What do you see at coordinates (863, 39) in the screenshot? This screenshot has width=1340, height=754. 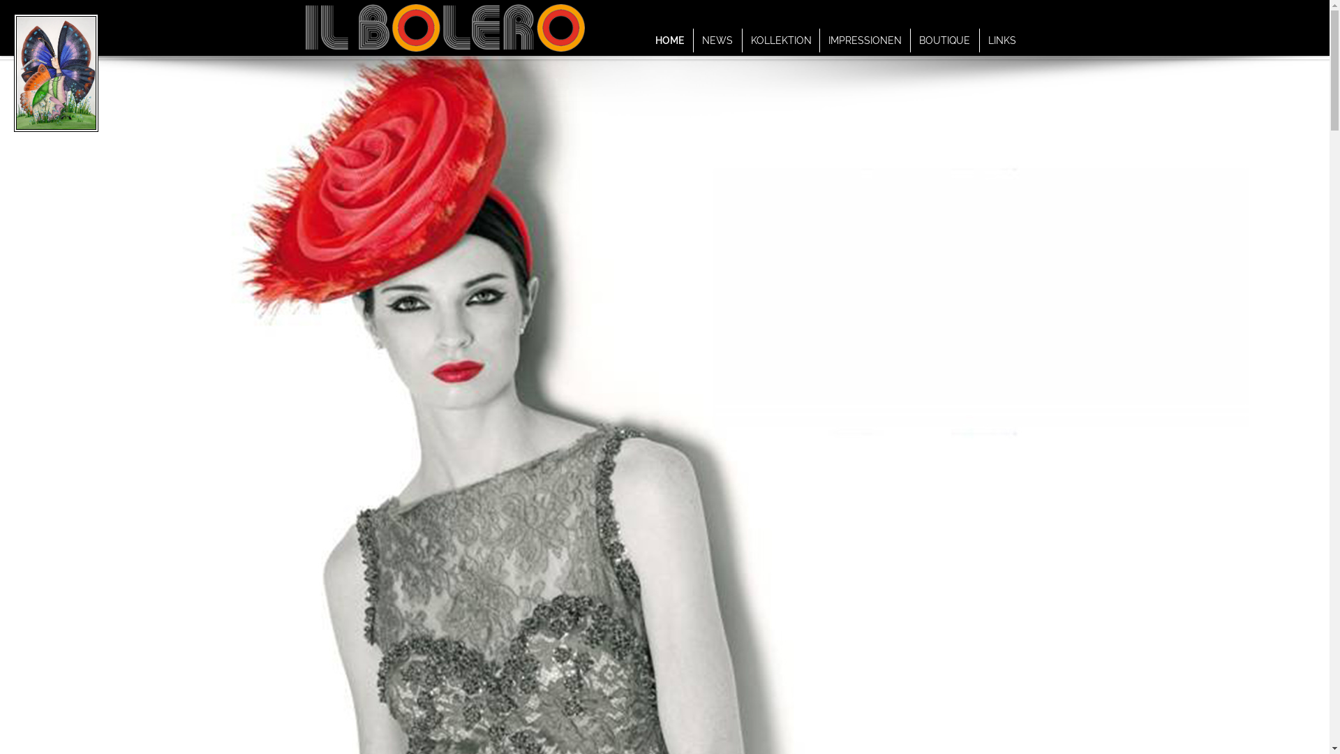 I see `'IMPRESSIONEN'` at bounding box center [863, 39].